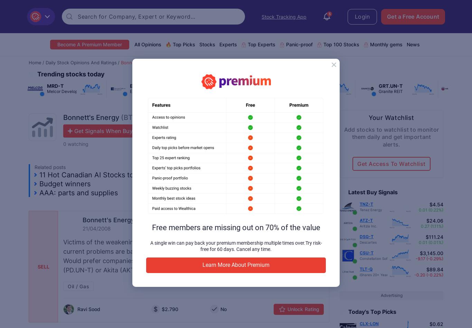 Image resolution: width=472 pixels, height=328 pixels. I want to click on '$4.54', so click(436, 204).